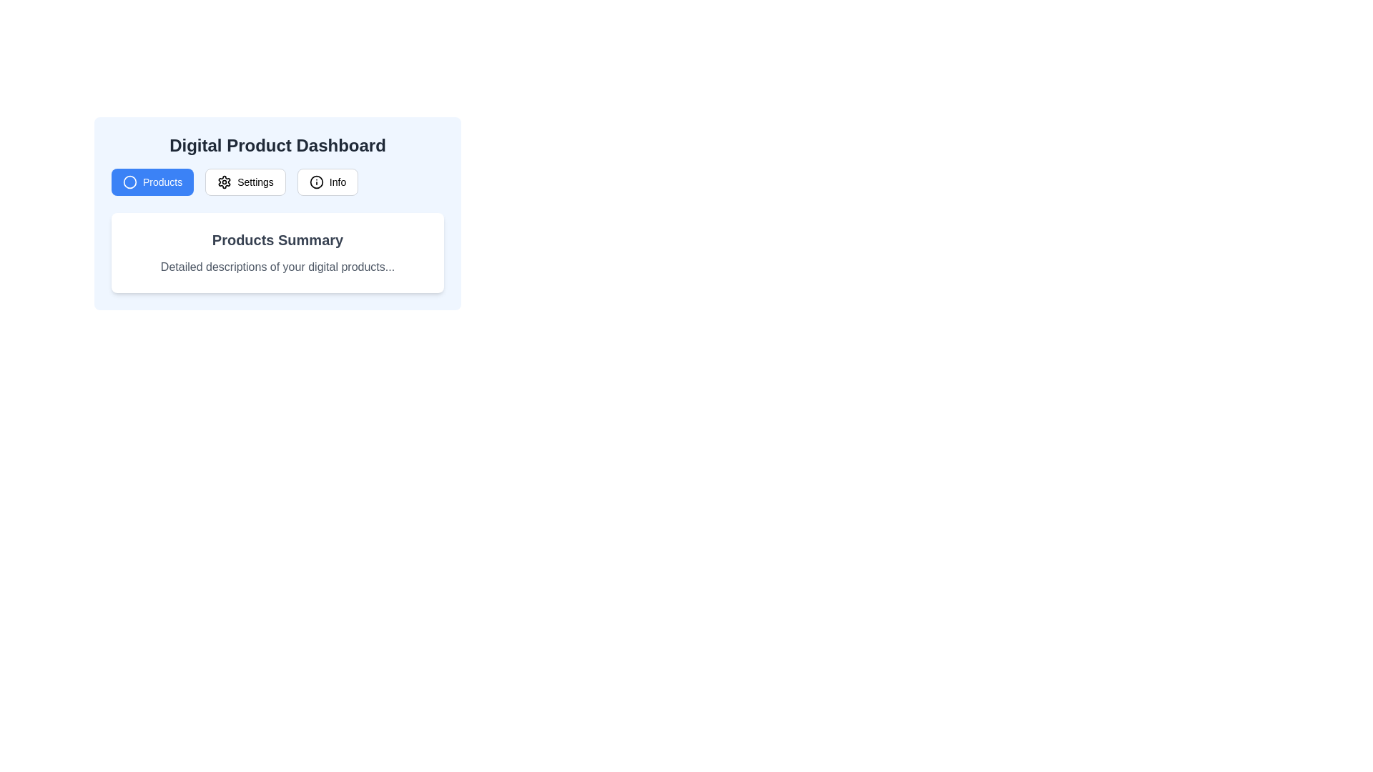 This screenshot has width=1373, height=772. Describe the element at coordinates (277, 146) in the screenshot. I see `the title text indicating 'Digital Product Dashboard', located above the buttons 'Products', 'Settings', and 'Info'` at that location.